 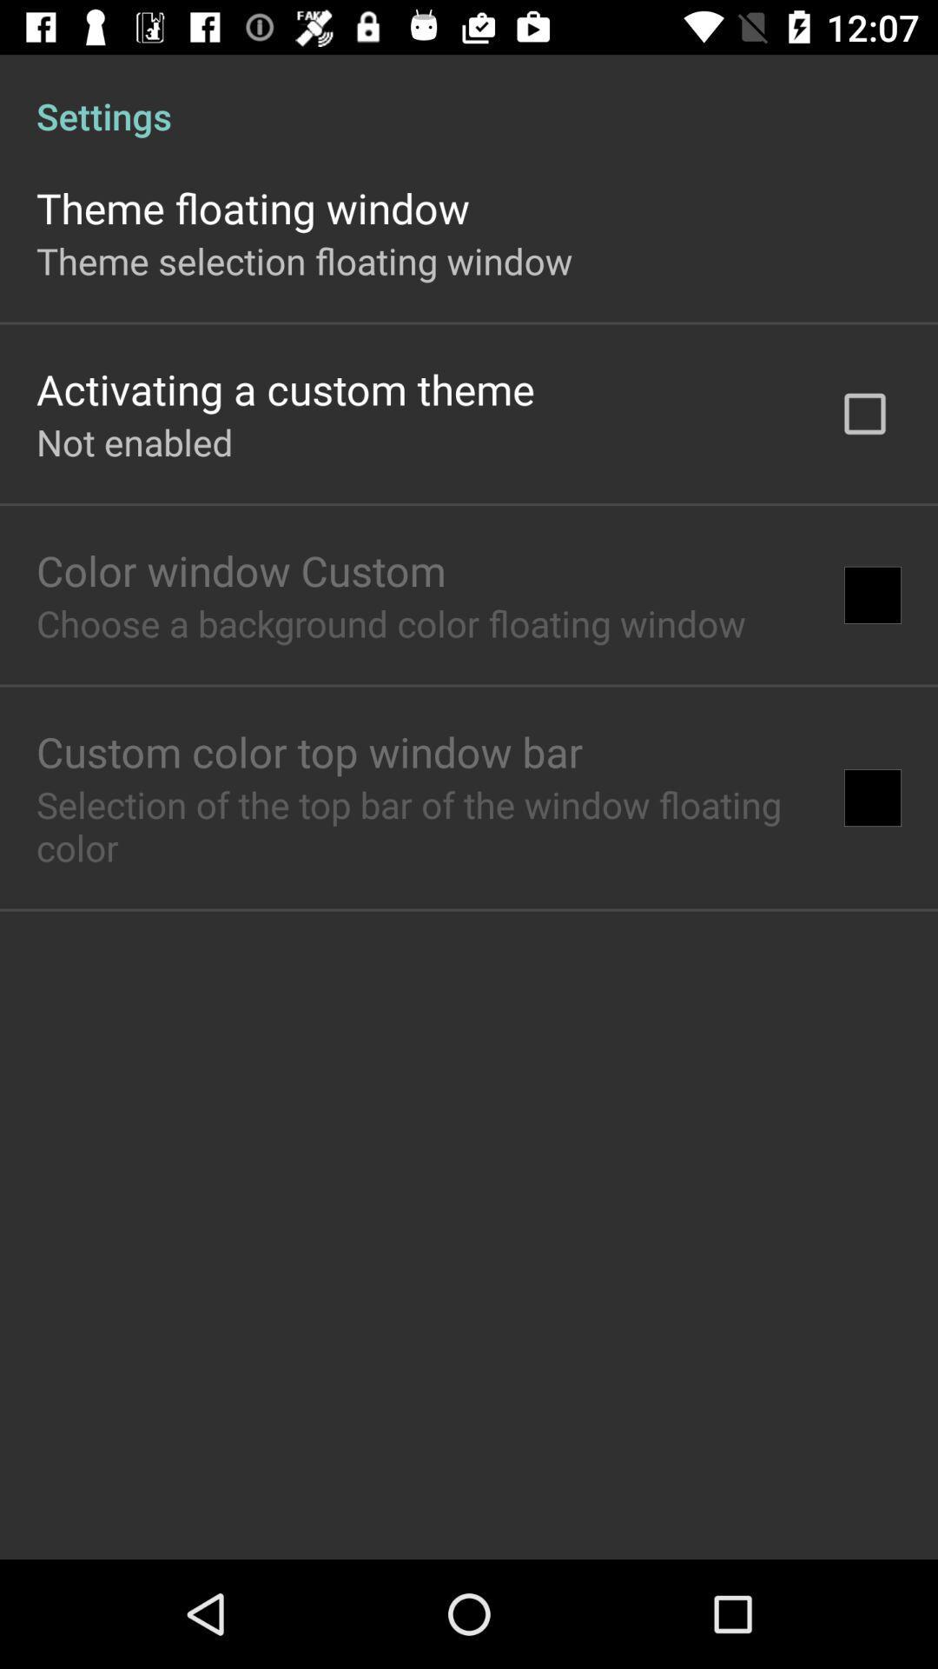 I want to click on the item to the right of activating a custom, so click(x=864, y=413).